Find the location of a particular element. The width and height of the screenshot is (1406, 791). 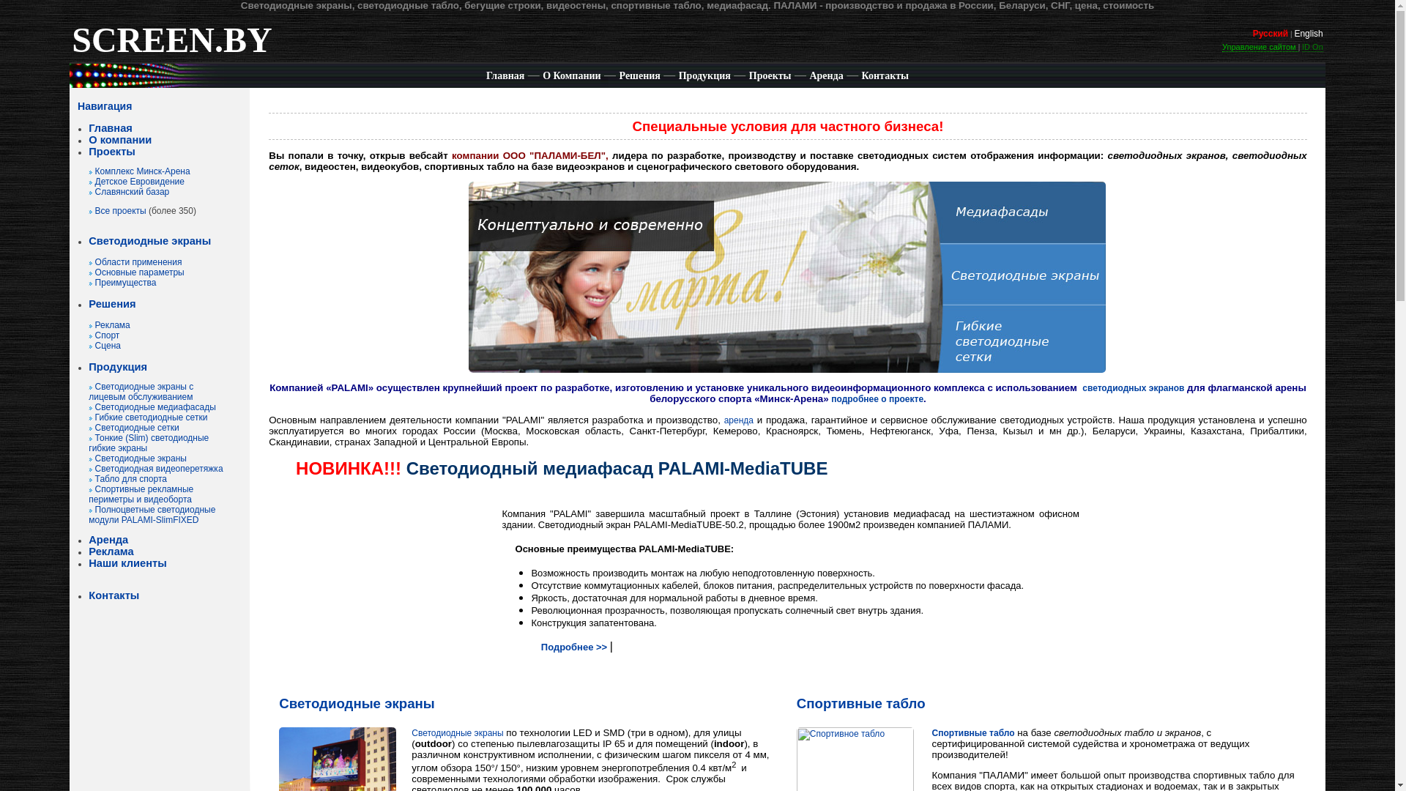

'SCREEN.BY' is located at coordinates (171, 48).